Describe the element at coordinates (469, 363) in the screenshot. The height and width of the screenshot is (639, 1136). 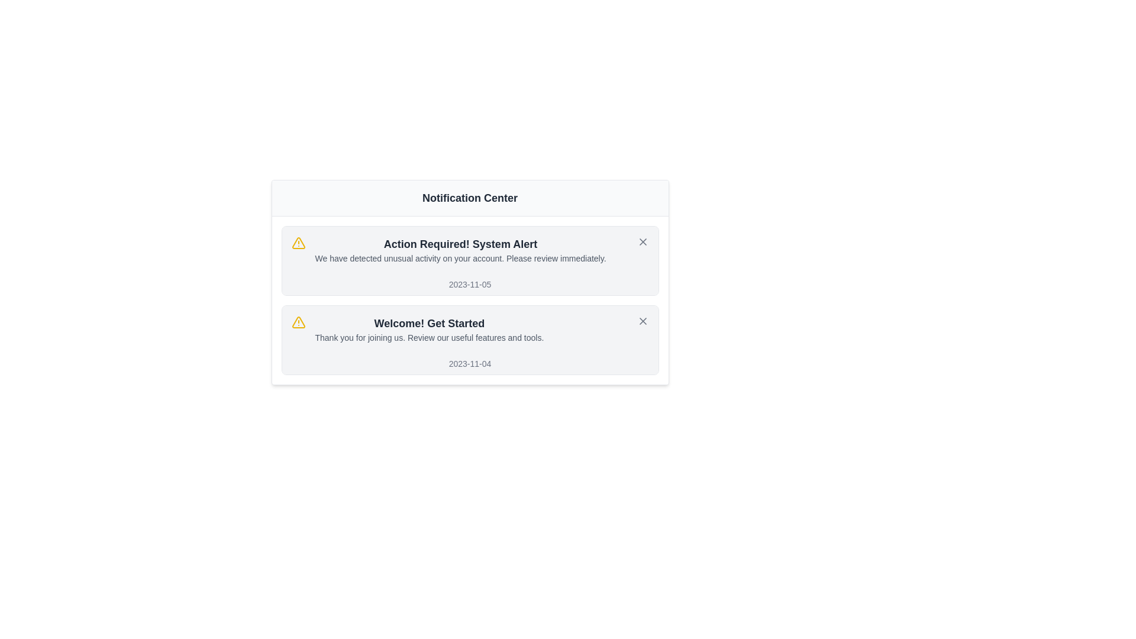
I see `date information displayed in the text label showing '2023-11-04' in the Notification Center, which is horizontally centered within the notification box` at that location.